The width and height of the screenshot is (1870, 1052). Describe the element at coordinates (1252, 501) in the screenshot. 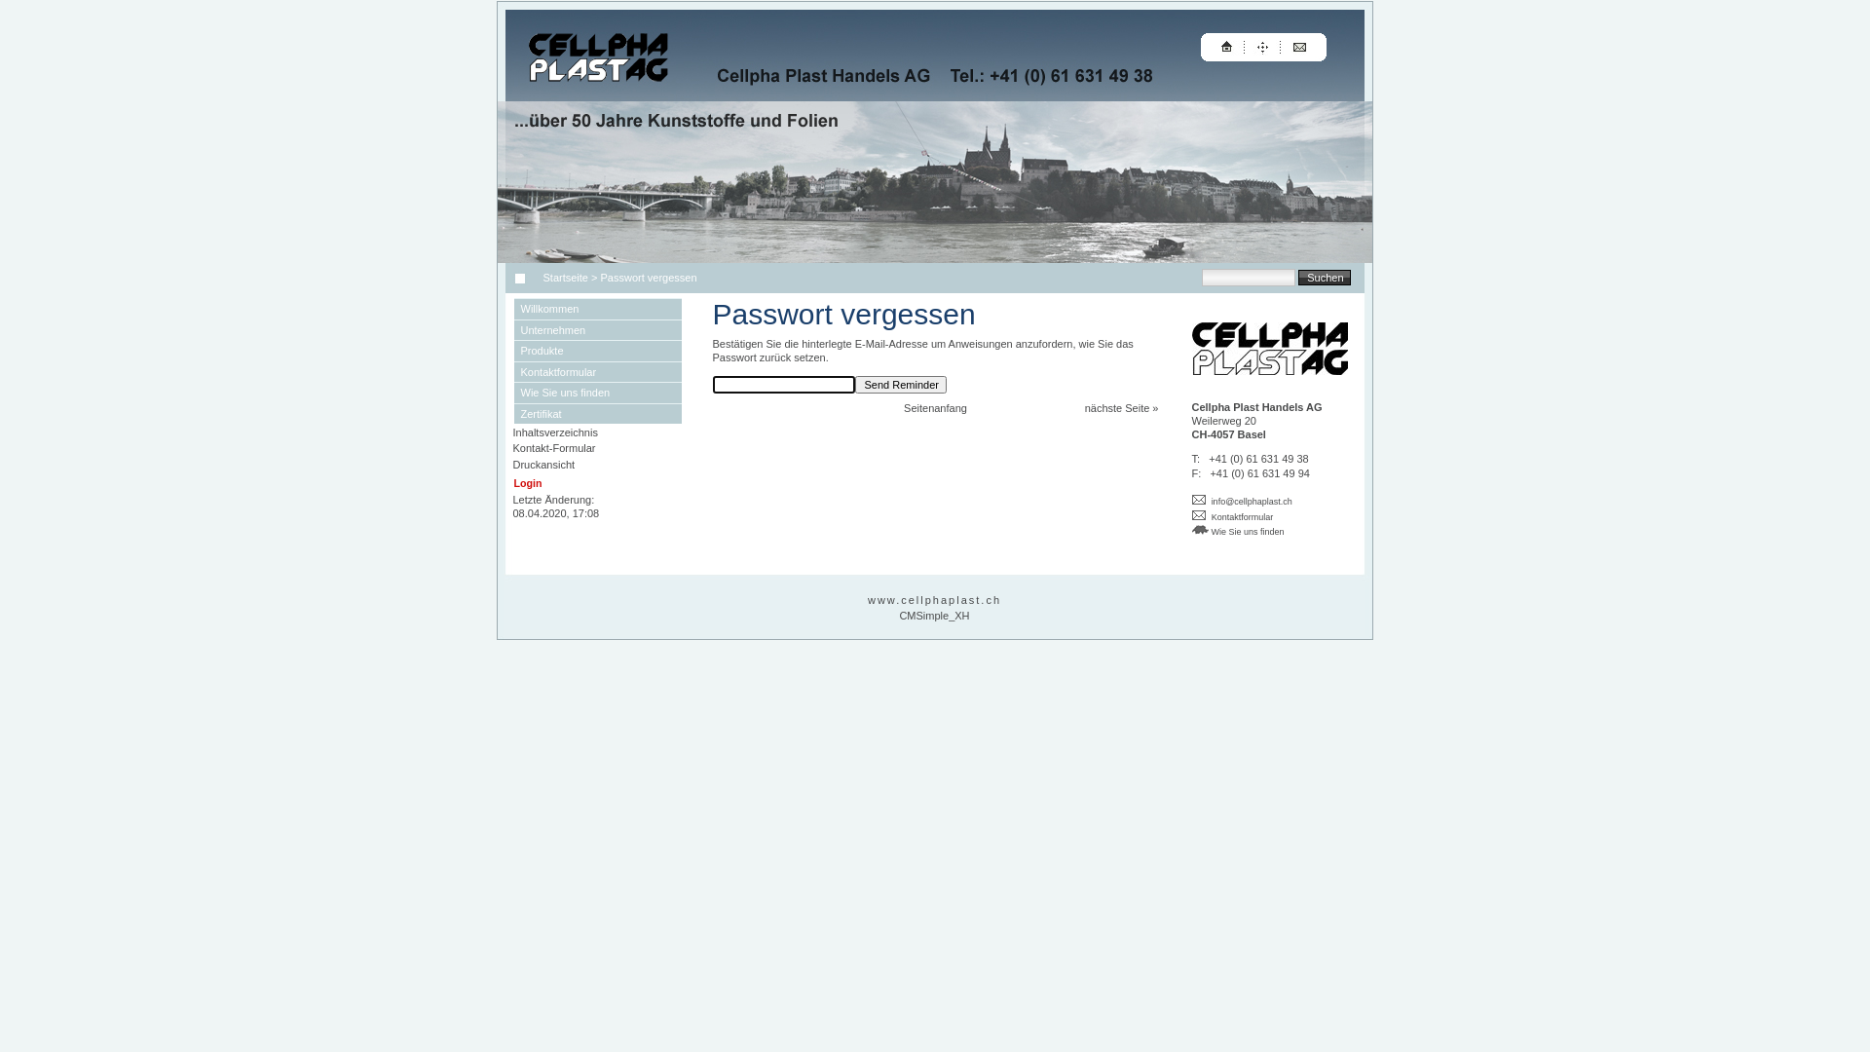

I see `'info@cellphaplast.ch'` at that location.